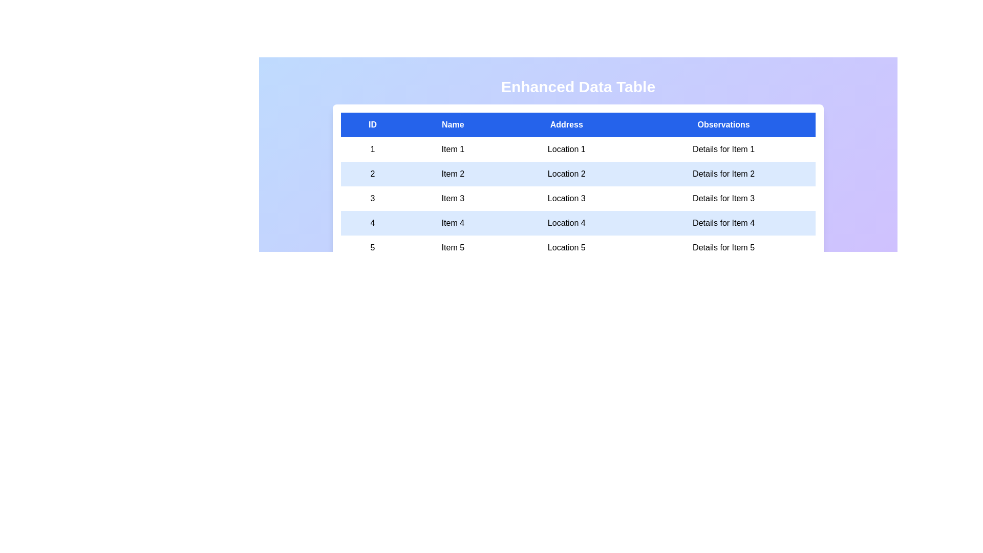  What do you see at coordinates (722, 124) in the screenshot?
I see `the header labeled Observations to sort the table by that column` at bounding box center [722, 124].